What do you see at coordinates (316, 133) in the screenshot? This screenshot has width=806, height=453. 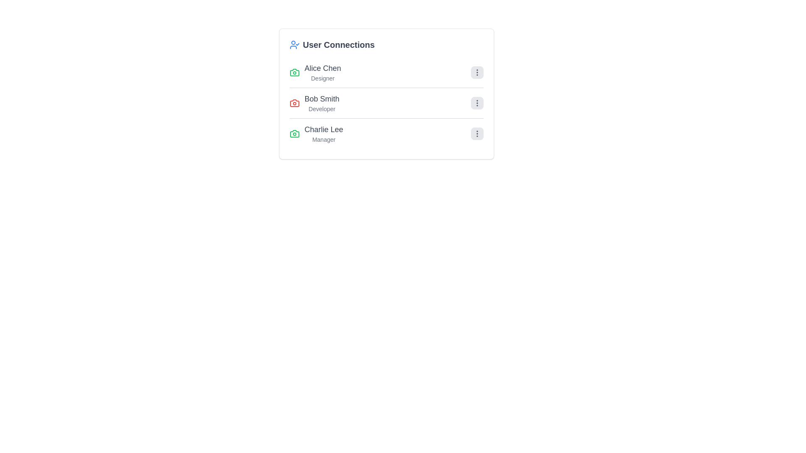 I see `the user information card for 'Charlie Lee', which displays the title 'Manager' and is the third card in the 'User Connections' section` at bounding box center [316, 133].